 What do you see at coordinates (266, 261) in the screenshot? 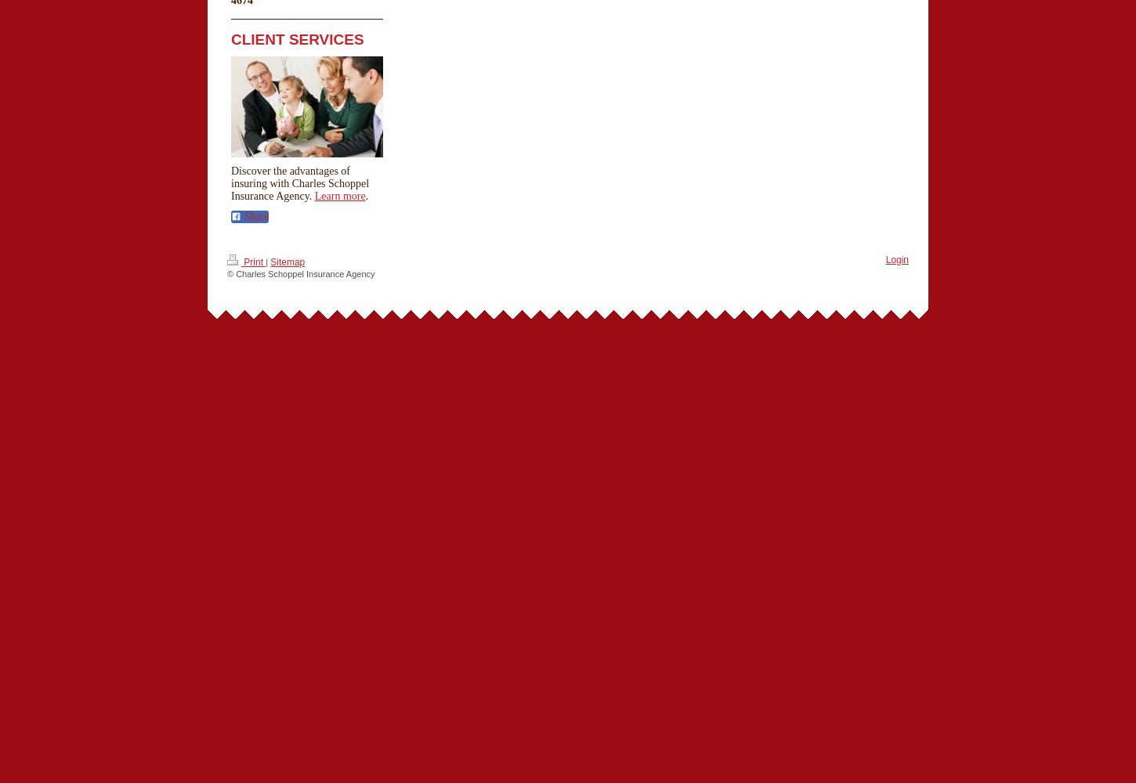
I see `'|'` at bounding box center [266, 261].